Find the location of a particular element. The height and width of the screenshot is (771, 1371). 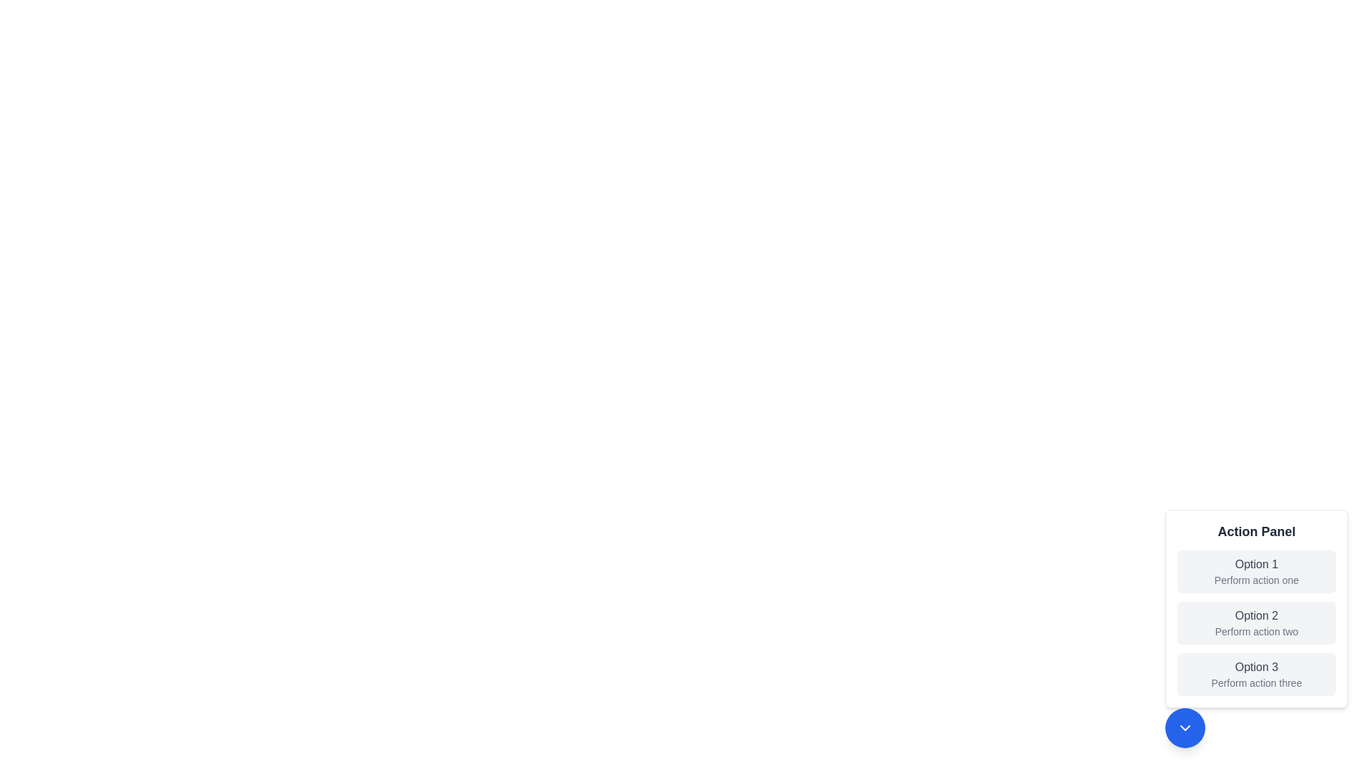

the button labeled 'Option 2' which has the text 'Perform action two' below it is located at coordinates (1257, 622).